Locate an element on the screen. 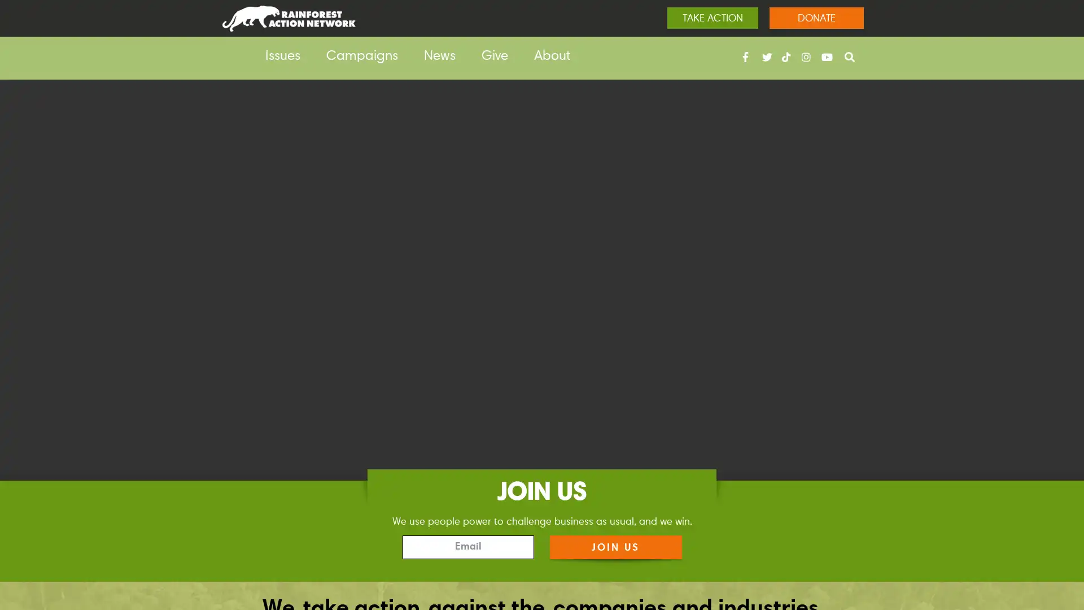  enter full screen is located at coordinates (1021, 550).